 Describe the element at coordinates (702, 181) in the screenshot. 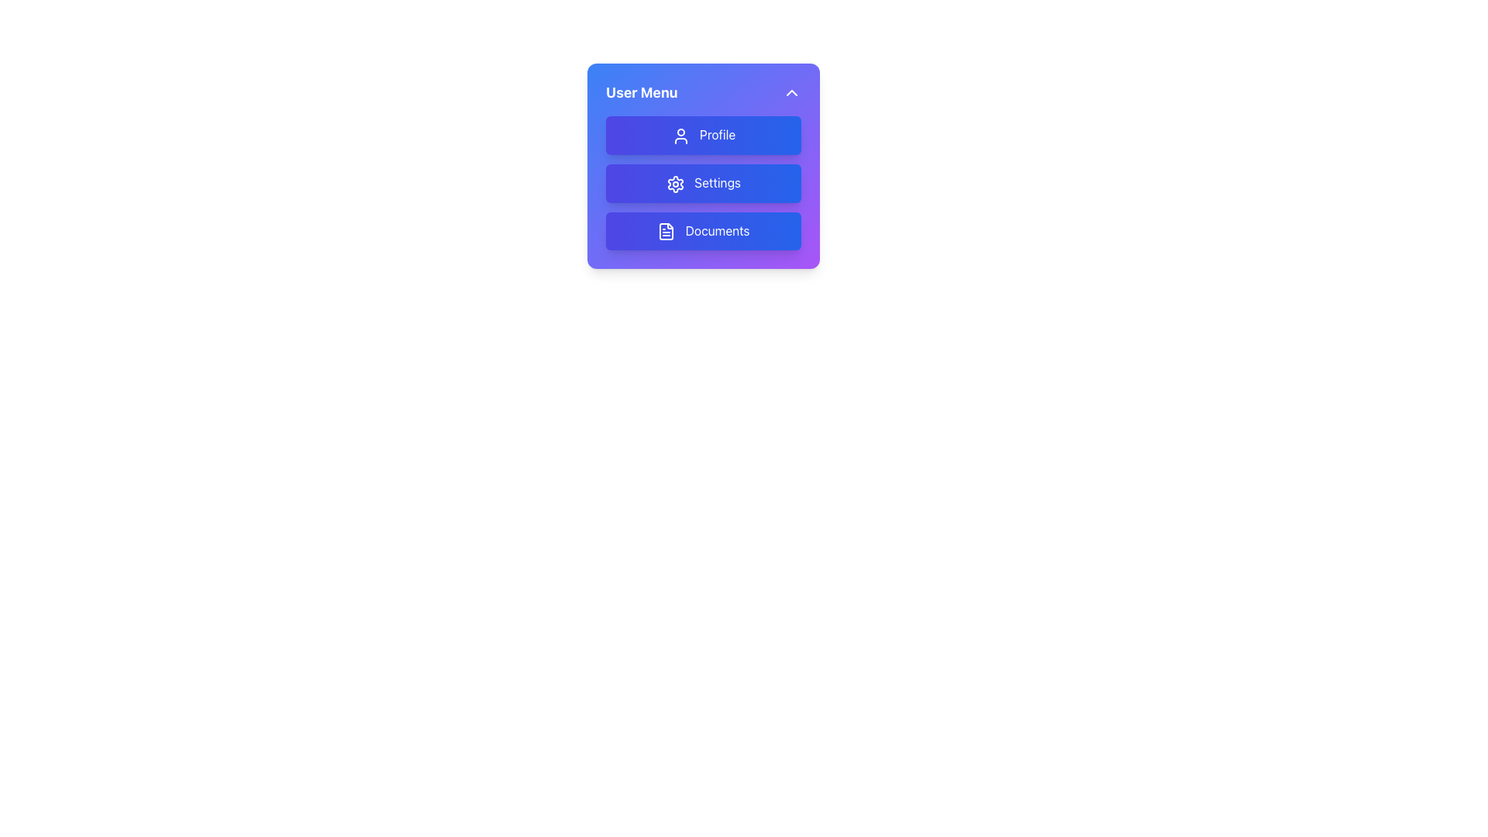

I see `the 'Settings' menu item in the User Menu vertical navigation component` at that location.